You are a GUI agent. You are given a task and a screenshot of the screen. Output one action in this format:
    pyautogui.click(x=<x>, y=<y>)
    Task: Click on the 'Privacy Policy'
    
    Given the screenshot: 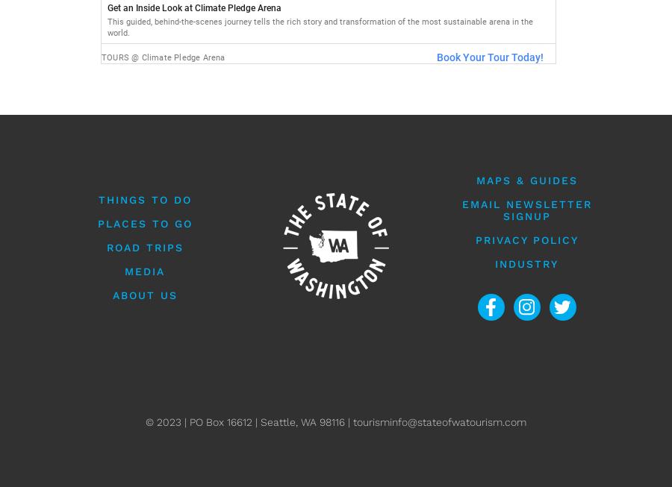 What is the action you would take?
    pyautogui.click(x=525, y=239)
    